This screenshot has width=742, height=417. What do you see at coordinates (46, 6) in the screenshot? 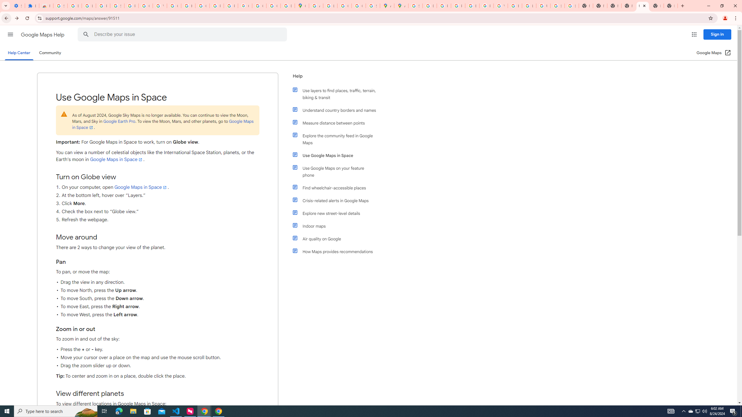
I see `'Reviews: Helix Fruit Jump Arcade Game'` at bounding box center [46, 6].